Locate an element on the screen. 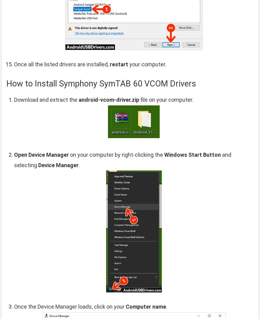 This screenshot has height=319, width=260. 'restart' is located at coordinates (119, 64).